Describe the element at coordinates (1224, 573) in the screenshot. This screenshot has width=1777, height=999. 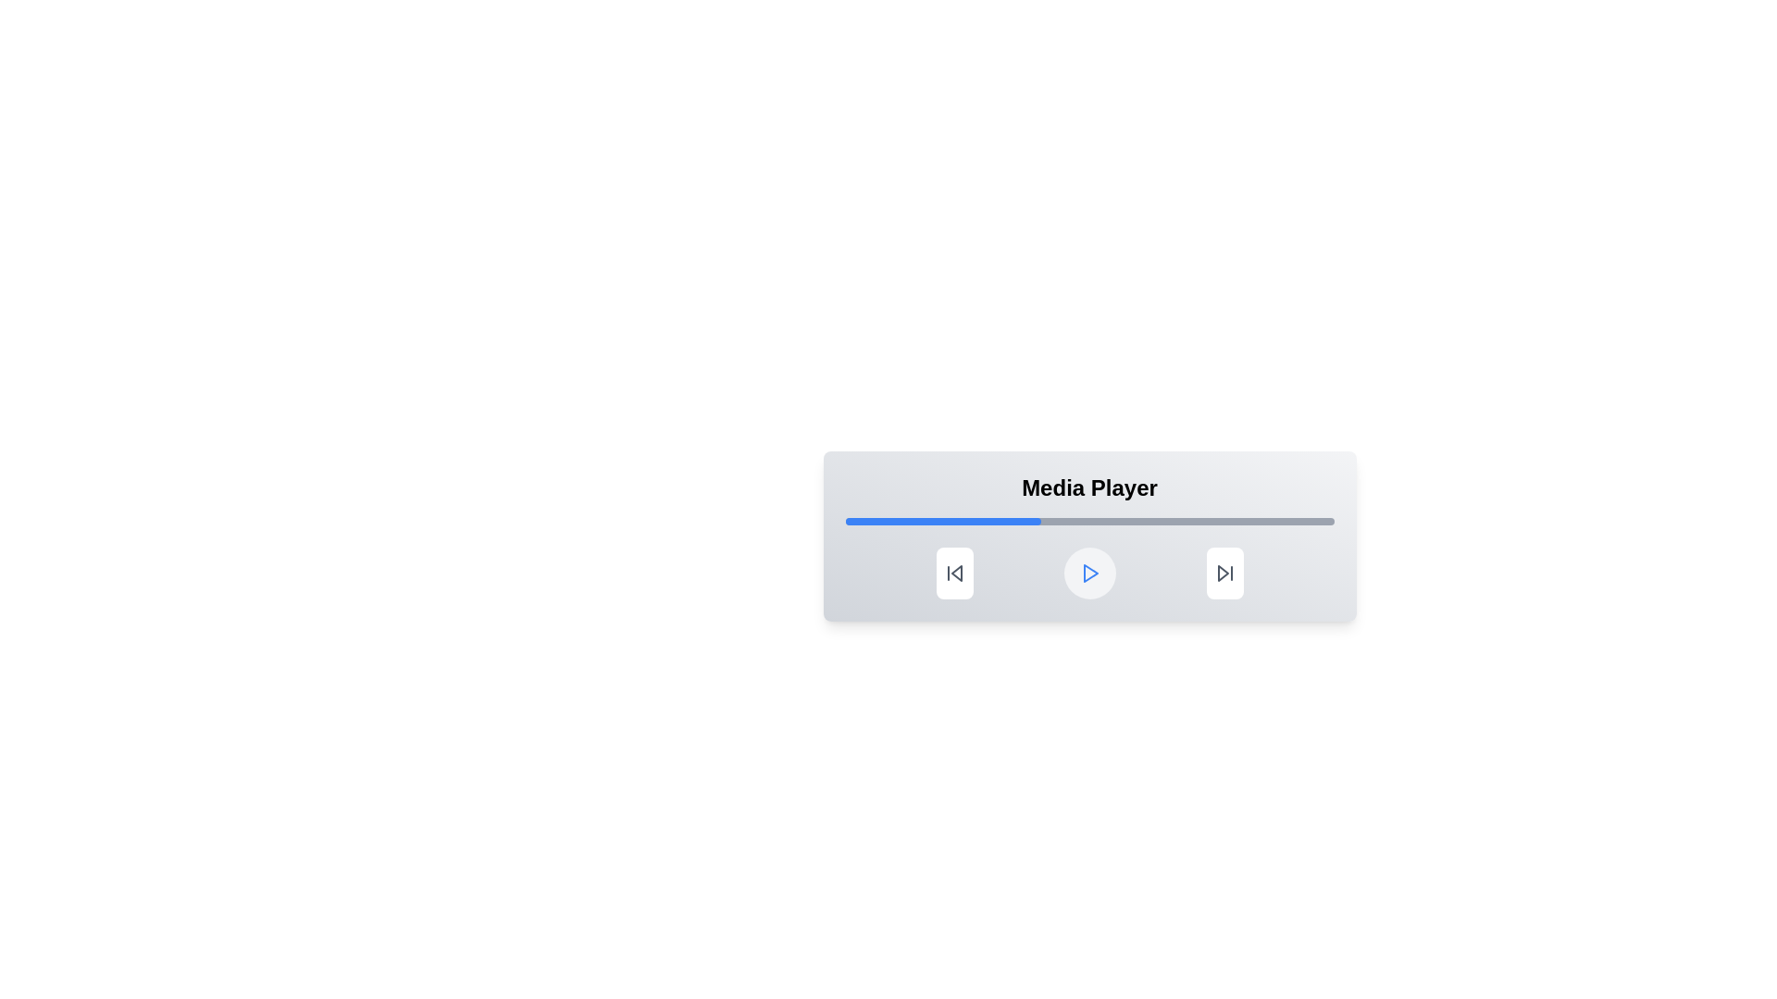
I see `the 'skip forward' button, which is the rightmost icon in a horizontal row of interactive controls located near the bottom-center of the interface` at that location.